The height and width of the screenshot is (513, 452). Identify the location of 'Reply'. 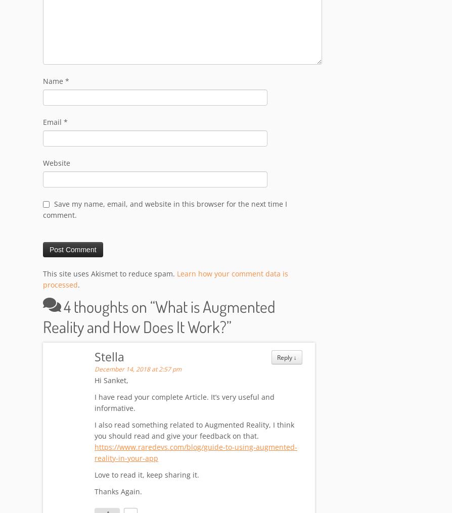
(285, 357).